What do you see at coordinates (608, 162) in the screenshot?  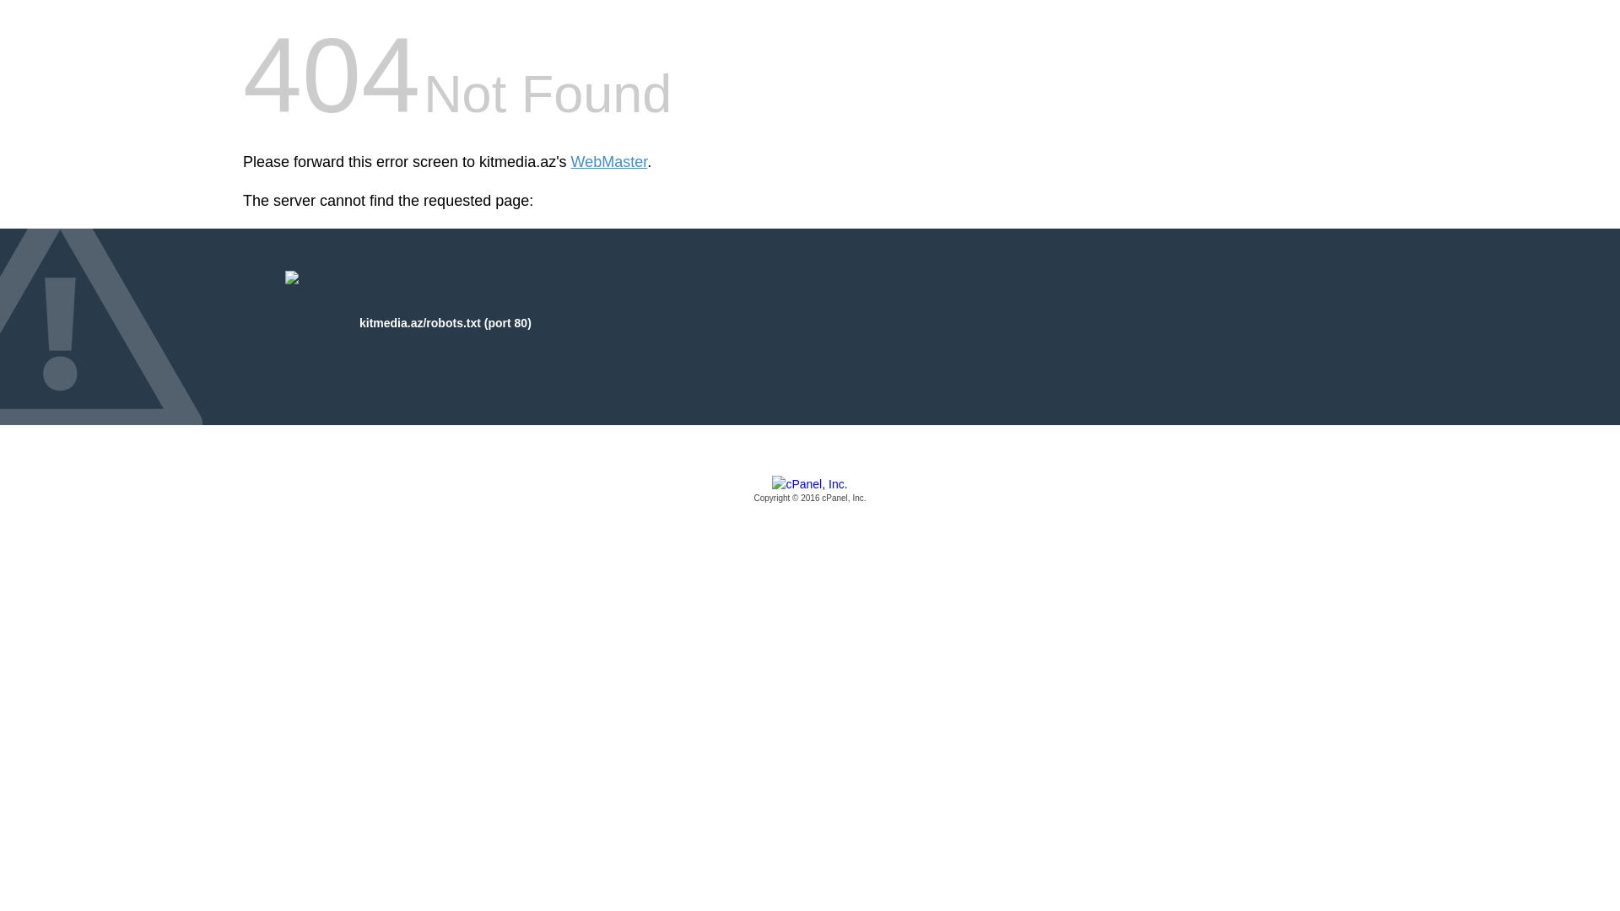 I see `'WebMaster'` at bounding box center [608, 162].